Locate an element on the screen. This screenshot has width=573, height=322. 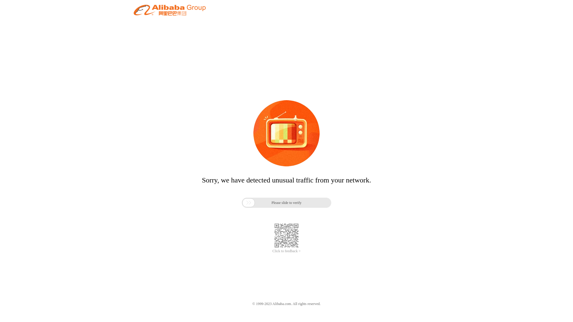
'Click to feedback >' is located at coordinates (286, 251).